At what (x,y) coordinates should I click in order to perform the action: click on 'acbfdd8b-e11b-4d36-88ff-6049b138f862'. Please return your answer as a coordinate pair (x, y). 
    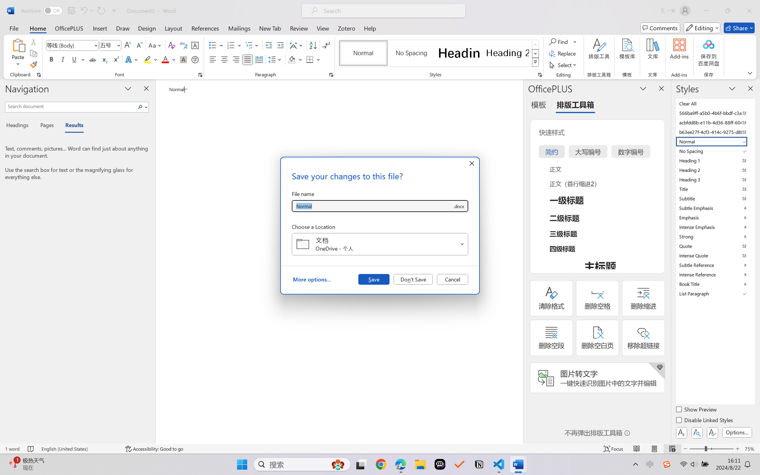
    Looking at the image, I should click on (714, 122).